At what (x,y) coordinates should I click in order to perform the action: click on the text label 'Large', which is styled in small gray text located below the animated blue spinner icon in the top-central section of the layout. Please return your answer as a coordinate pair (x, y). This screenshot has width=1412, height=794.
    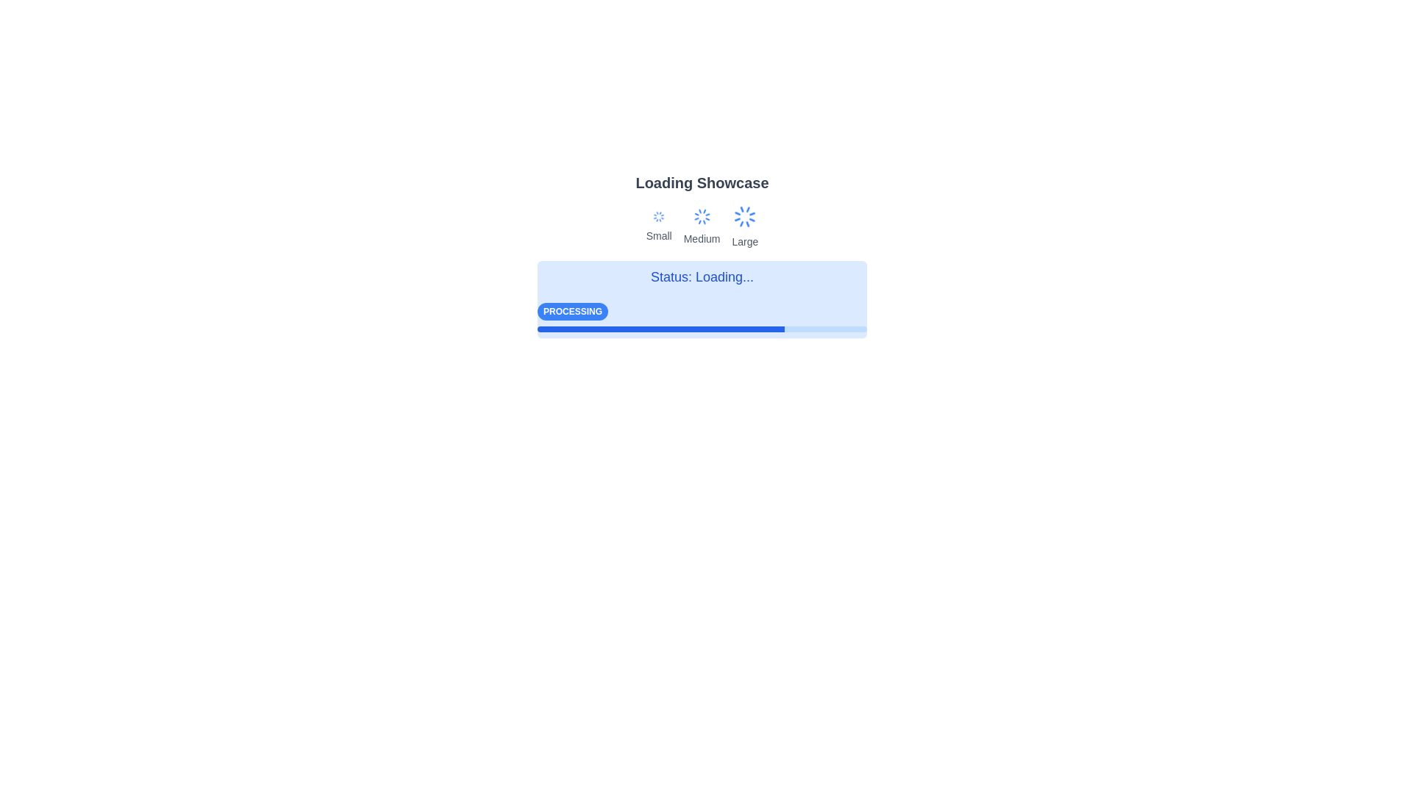
    Looking at the image, I should click on (745, 240).